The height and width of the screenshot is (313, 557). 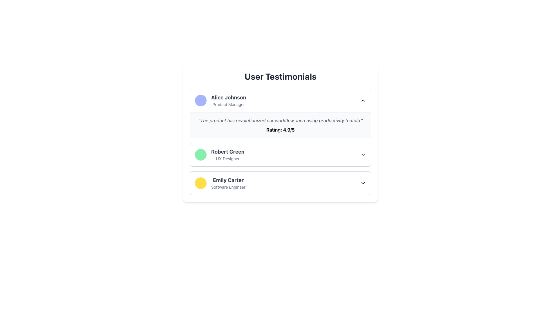 What do you see at coordinates (200, 100) in the screenshot?
I see `the avatar representing 'Alice Johnson' located at the top-left of the testimonial block under 'User Testimonials'` at bounding box center [200, 100].